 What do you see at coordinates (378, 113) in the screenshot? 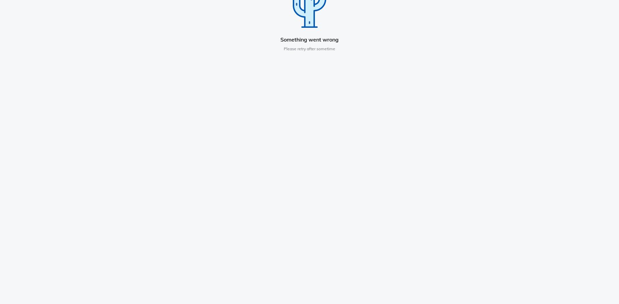
I see `'Privacy Policy'` at bounding box center [378, 113].